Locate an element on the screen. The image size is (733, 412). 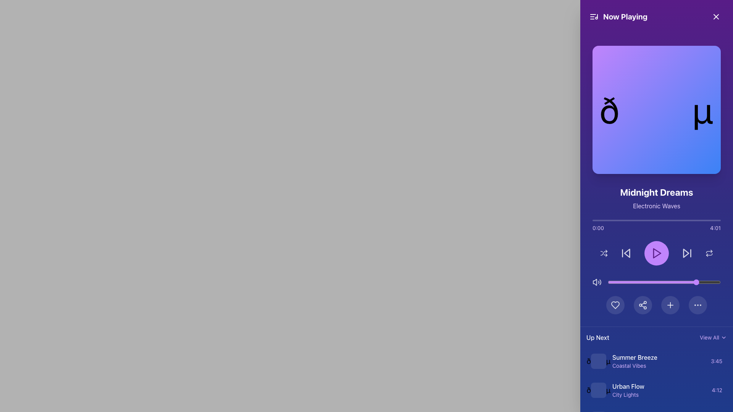
the second list item in the 'Up Next' section of the media playback interface is located at coordinates (656, 390).